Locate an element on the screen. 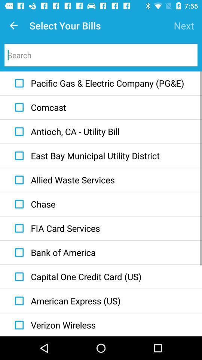  search is located at coordinates (101, 54).